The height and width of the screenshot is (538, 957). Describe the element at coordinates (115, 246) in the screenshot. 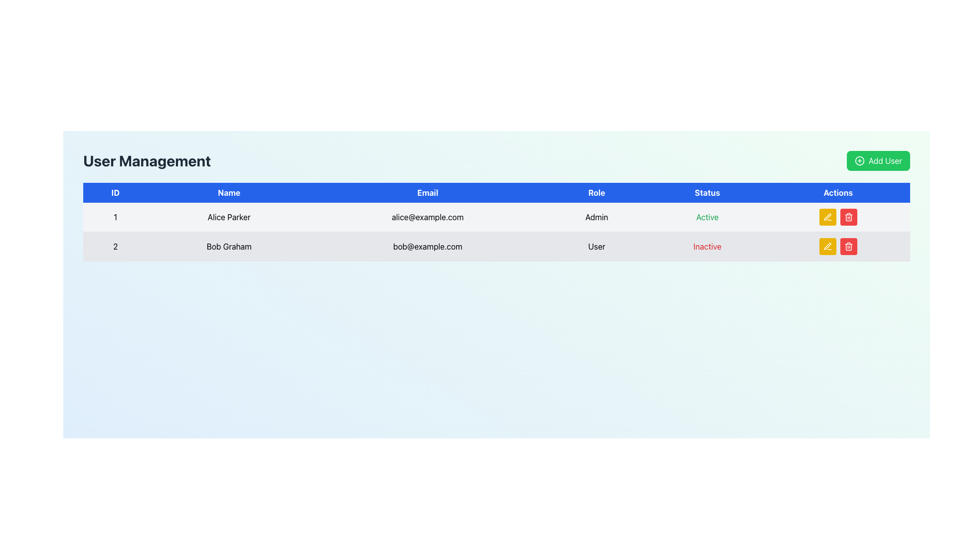

I see `the text within the table cell containing '2' in the 'User Management' table, which is styled with a light-gray background and located in the first column of the second row corresponding to user 'Bob Graham'` at that location.